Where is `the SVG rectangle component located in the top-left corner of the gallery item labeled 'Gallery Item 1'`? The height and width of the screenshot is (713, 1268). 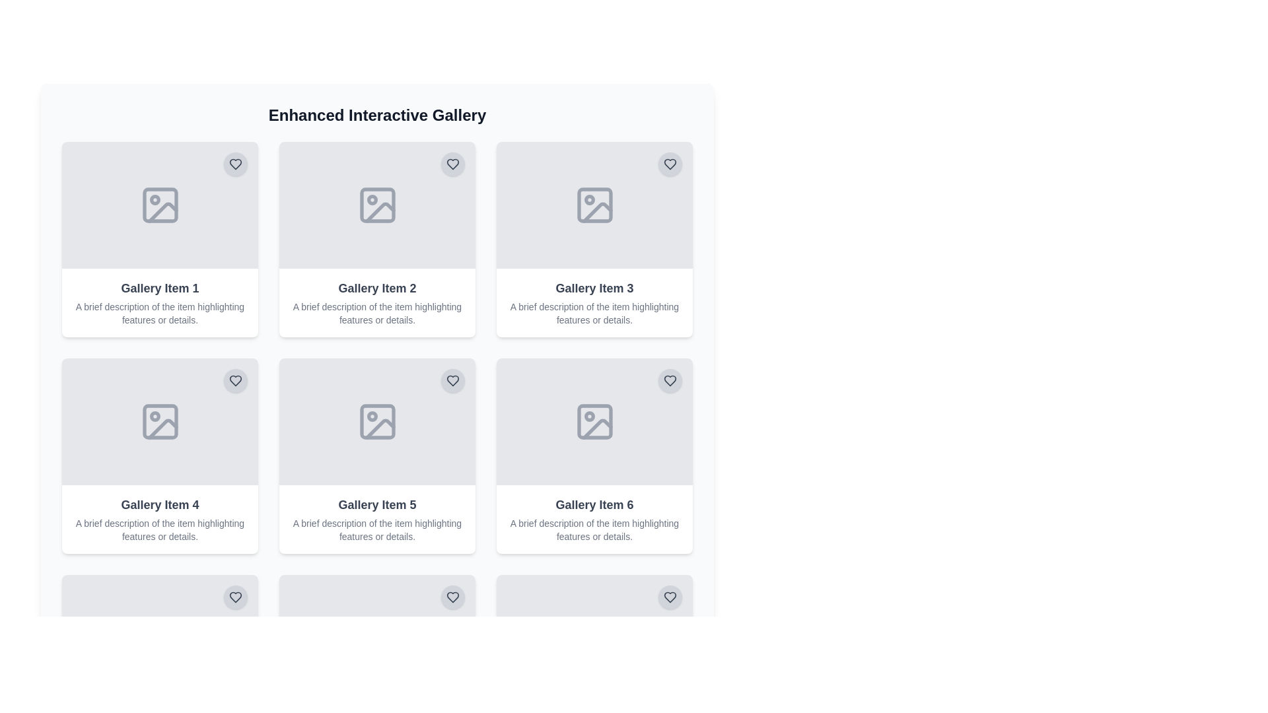 the SVG rectangle component located in the top-left corner of the gallery item labeled 'Gallery Item 1' is located at coordinates (159, 205).